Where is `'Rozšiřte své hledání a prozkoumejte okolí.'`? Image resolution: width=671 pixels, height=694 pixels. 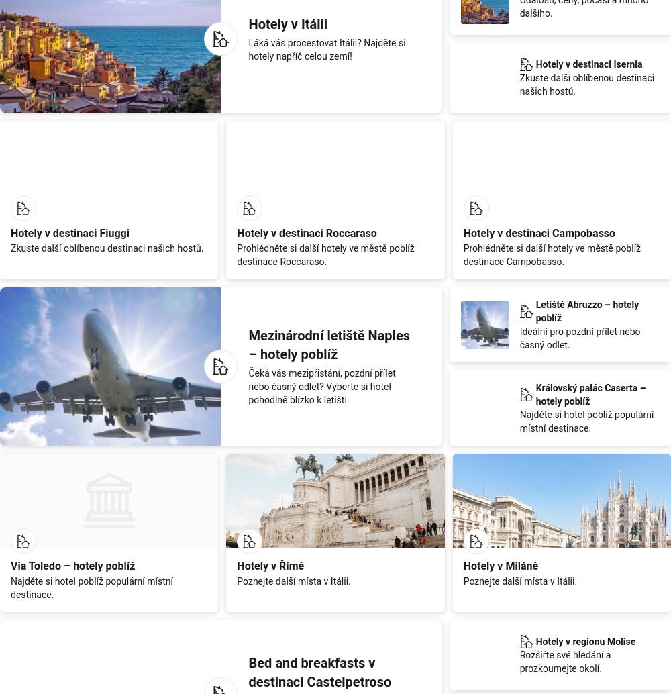
'Rozšiřte své hledání a prozkoumejte okolí.' is located at coordinates (564, 660).